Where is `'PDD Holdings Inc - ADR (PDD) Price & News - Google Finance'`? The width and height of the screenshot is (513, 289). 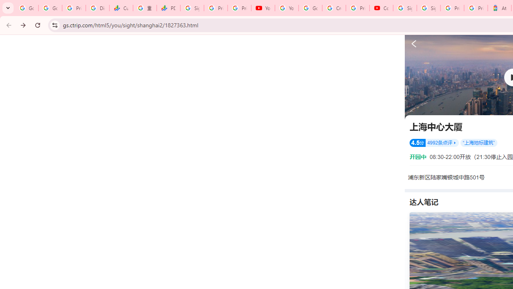 'PDD Holdings Inc - ADR (PDD) Price & News - Google Finance' is located at coordinates (168, 8).